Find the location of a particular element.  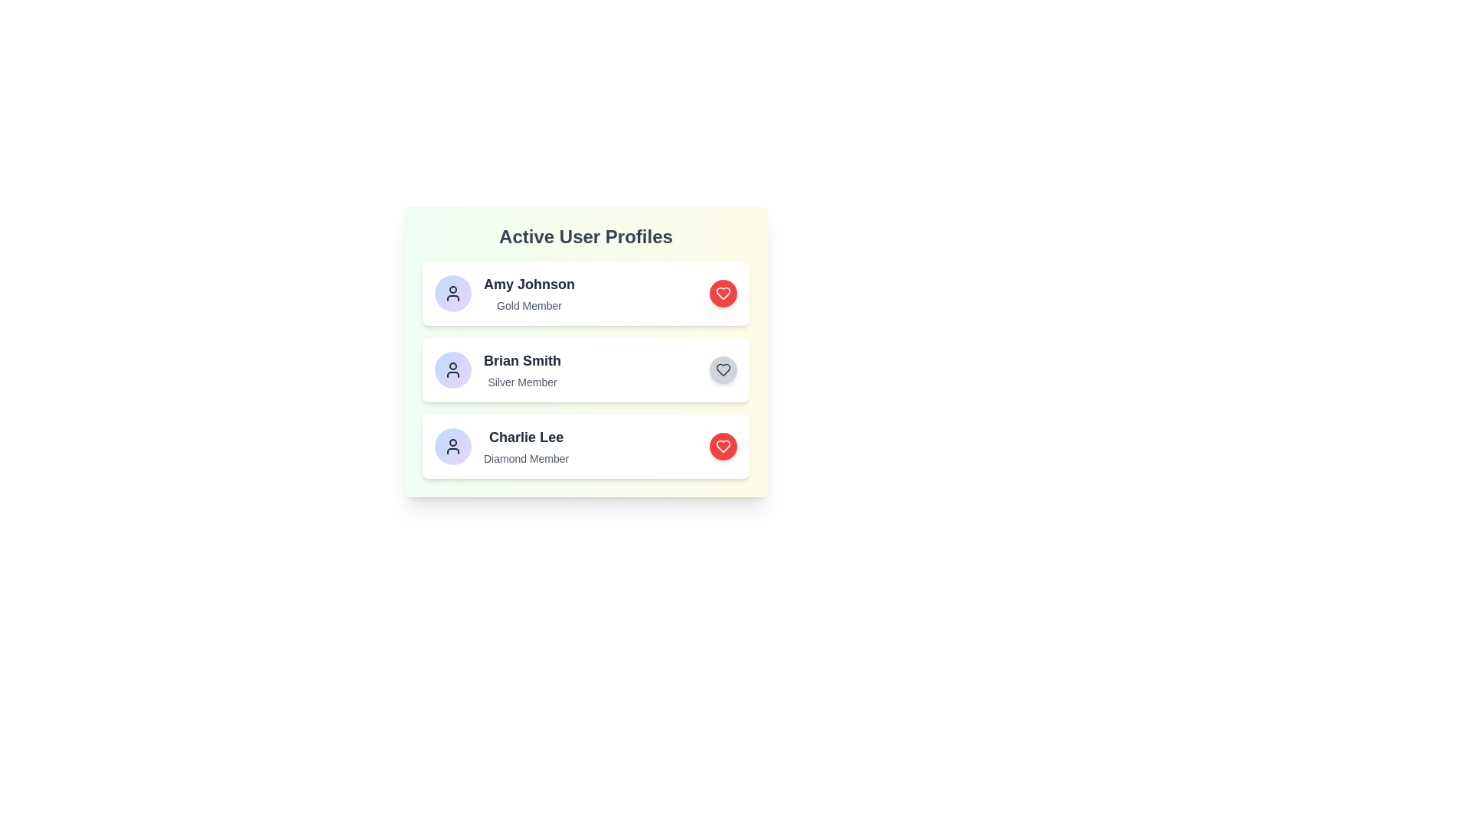

the red heart icon for 'like' or 'favorite' action located within the user card for 'Amy Johnson', to the right side of the card is located at coordinates (723, 446).